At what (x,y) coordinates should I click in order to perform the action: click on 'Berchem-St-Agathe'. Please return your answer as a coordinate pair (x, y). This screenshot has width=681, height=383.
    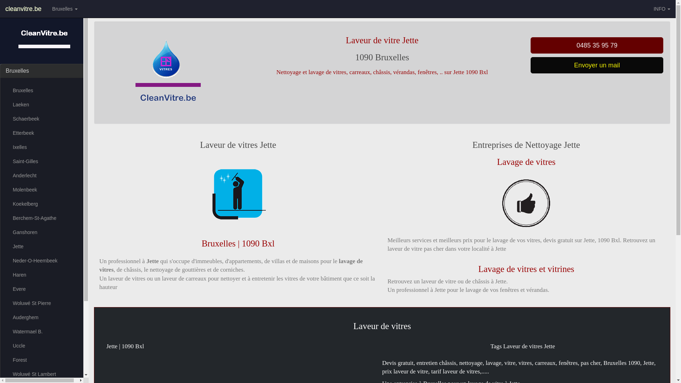
    Looking at the image, I should click on (44, 217).